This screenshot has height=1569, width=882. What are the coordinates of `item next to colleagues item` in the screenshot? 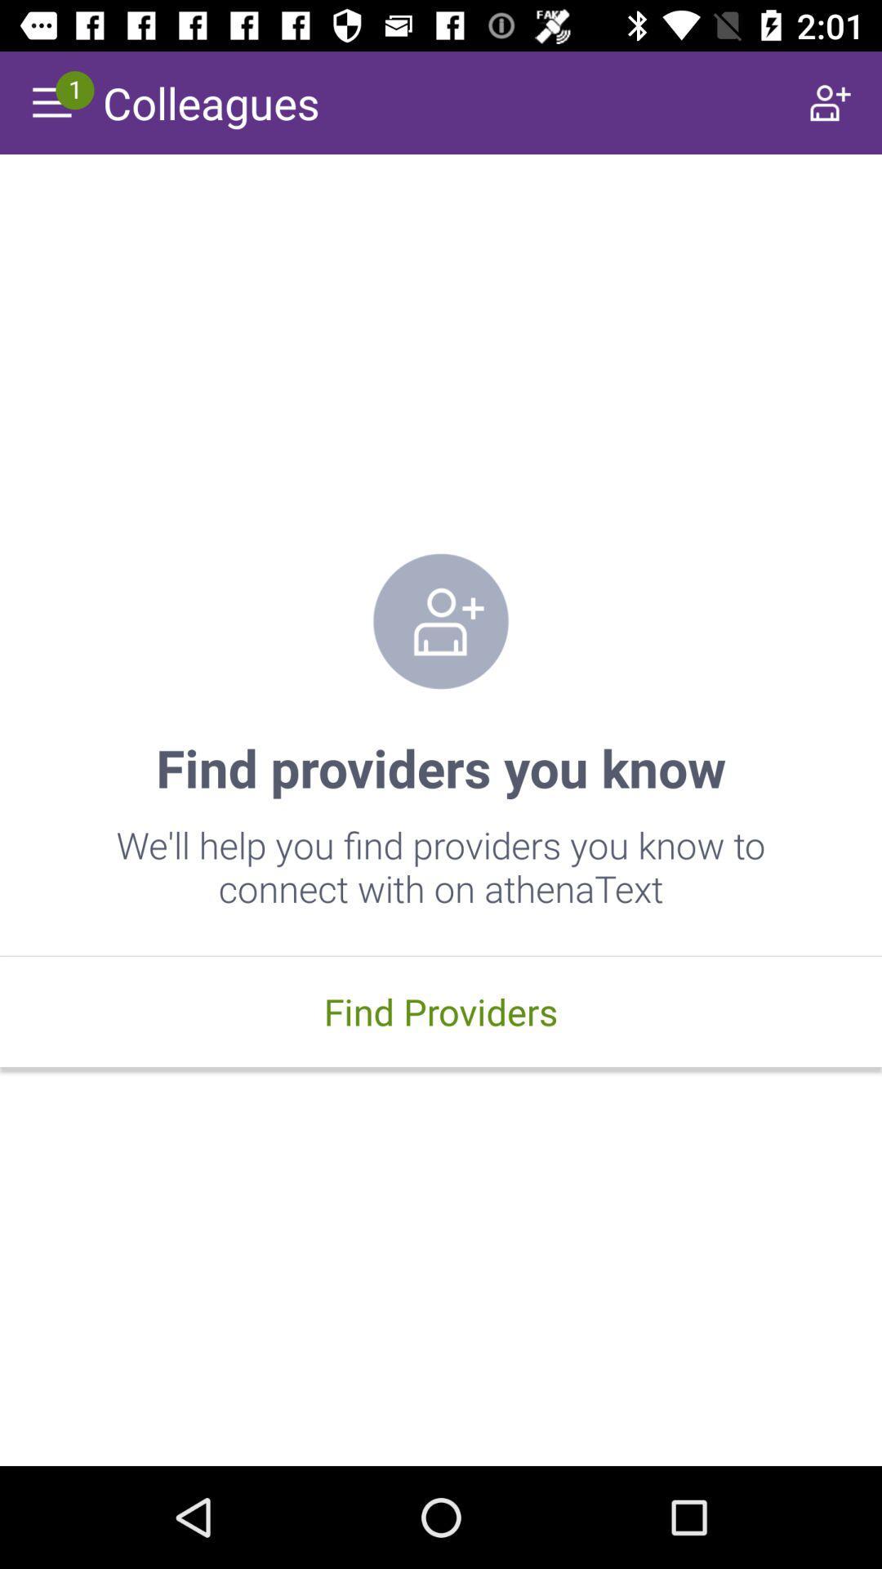 It's located at (831, 101).